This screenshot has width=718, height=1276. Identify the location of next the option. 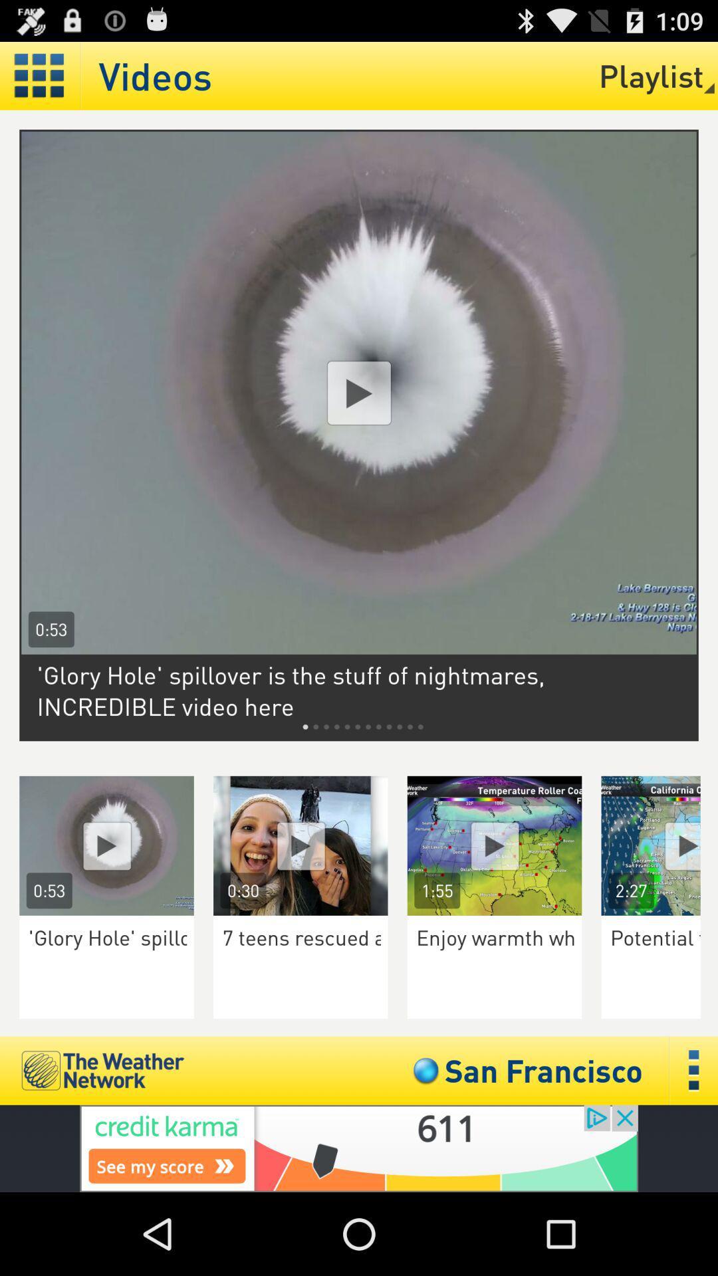
(659, 845).